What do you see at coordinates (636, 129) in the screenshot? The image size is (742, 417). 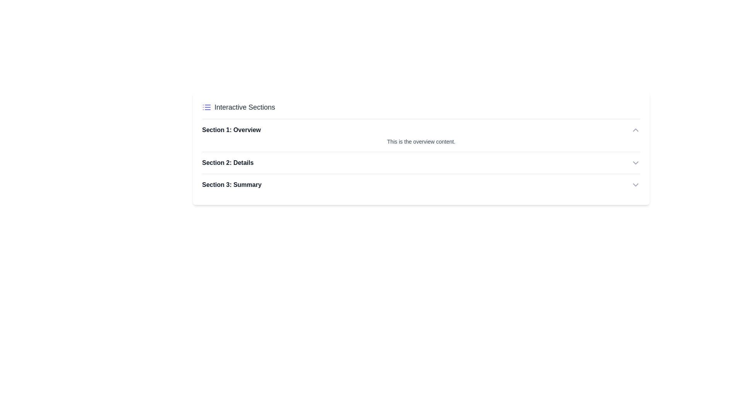 I see `the chevron icon that toggles the collapsing or expanding of the 'Overview' section content located at the far right of 'Section 1: Overview'` at bounding box center [636, 129].